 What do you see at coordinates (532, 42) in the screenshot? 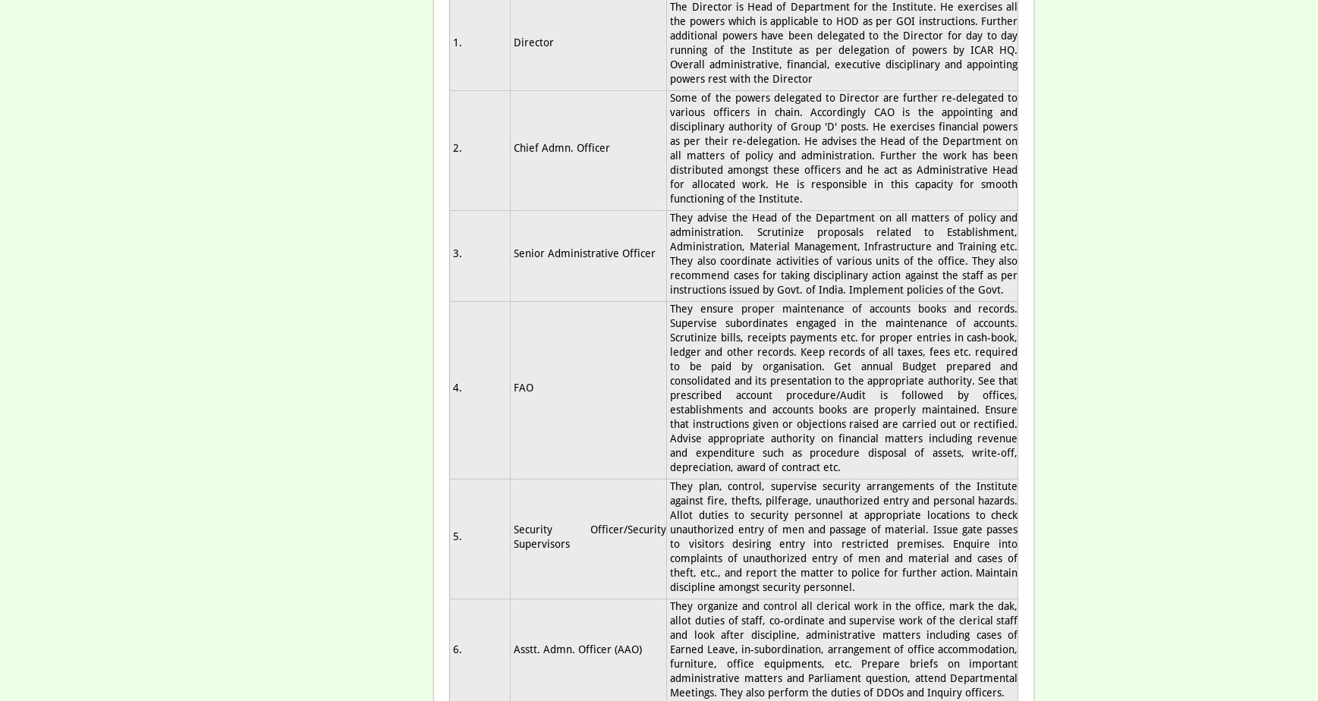
I see `'Director'` at bounding box center [532, 42].